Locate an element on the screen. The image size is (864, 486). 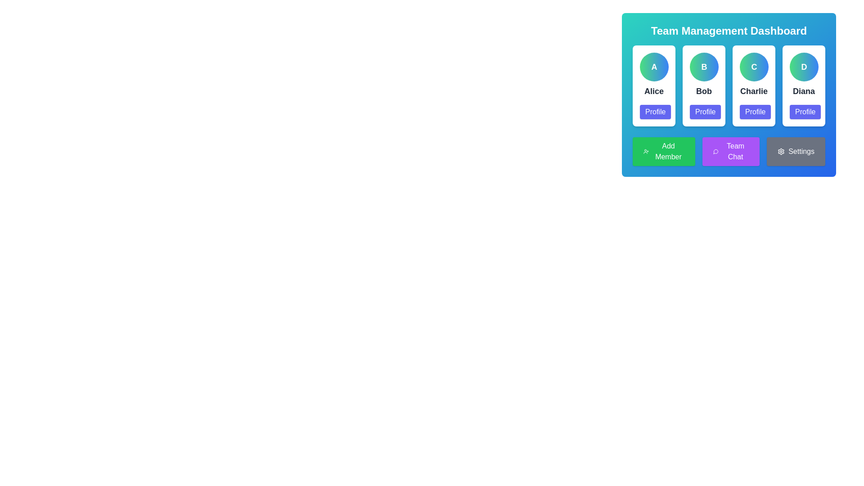
the settings icon located within the 'Settings' button at the bottom right section of the dashboard interface is located at coordinates (781, 151).